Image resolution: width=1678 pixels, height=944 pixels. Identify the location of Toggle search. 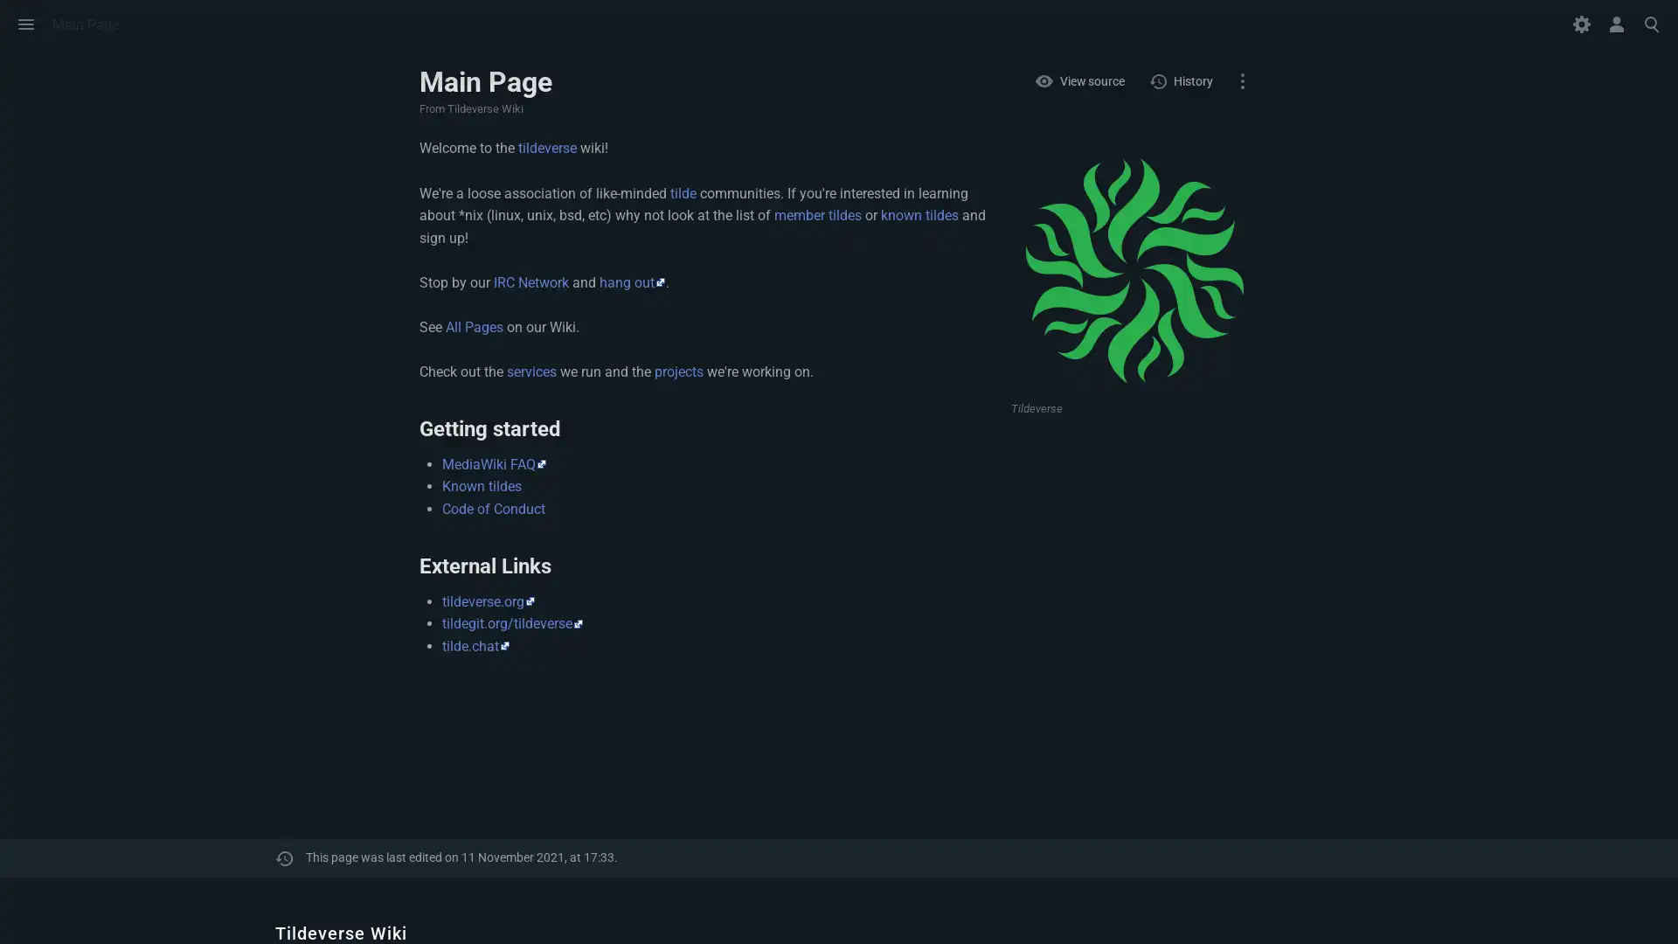
(1651, 24).